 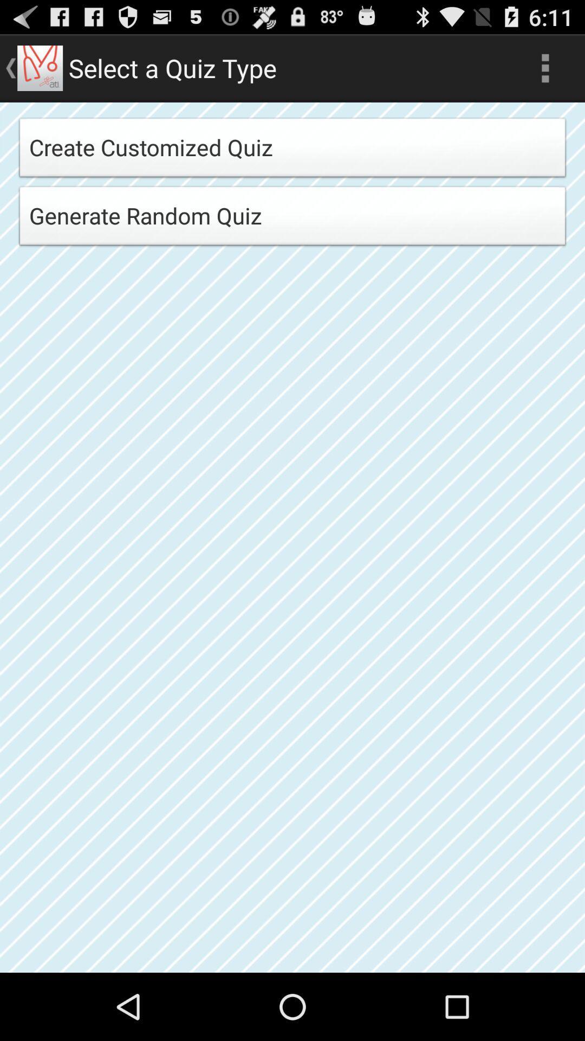 I want to click on the app to the right of select a quiz icon, so click(x=545, y=67).